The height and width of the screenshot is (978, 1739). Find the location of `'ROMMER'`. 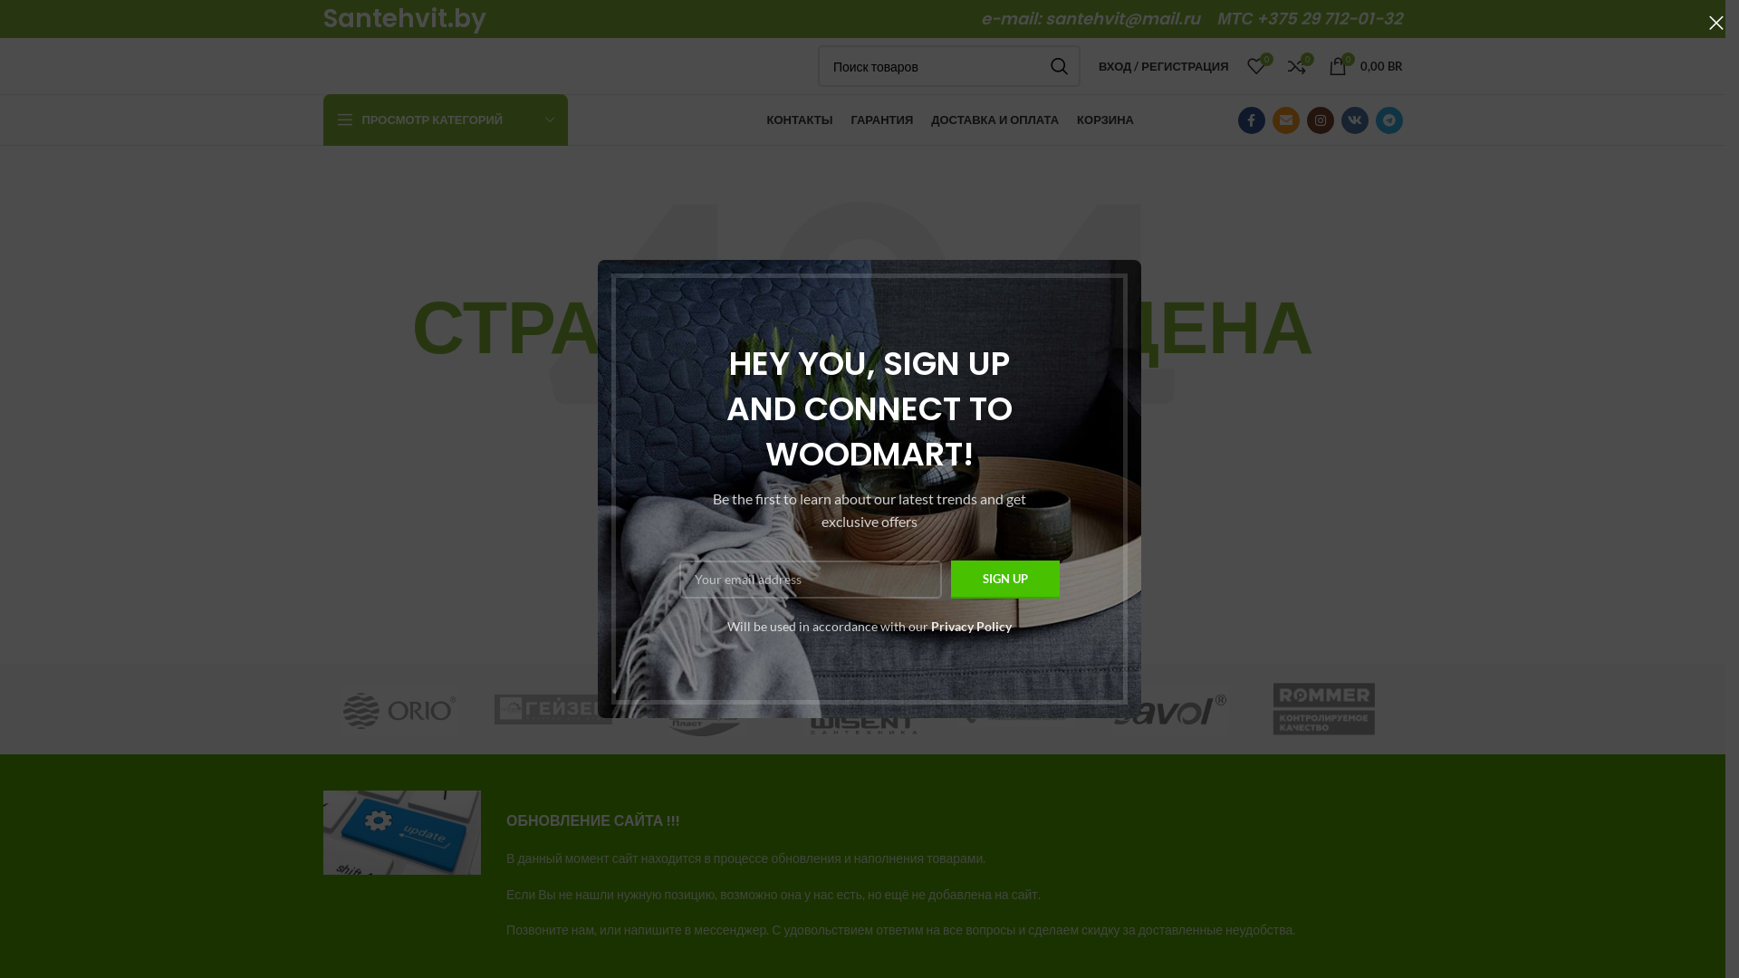

'ROMMER' is located at coordinates (1324, 708).